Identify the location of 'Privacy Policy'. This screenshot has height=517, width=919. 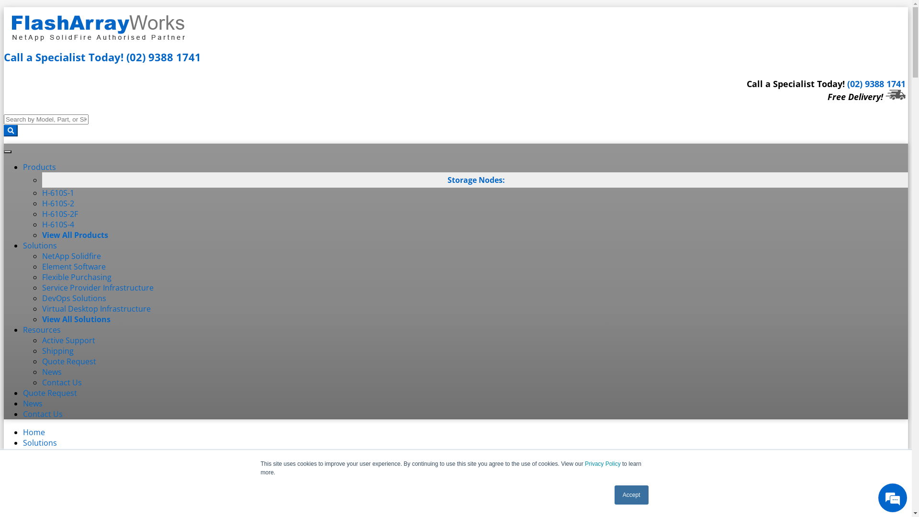
(602, 463).